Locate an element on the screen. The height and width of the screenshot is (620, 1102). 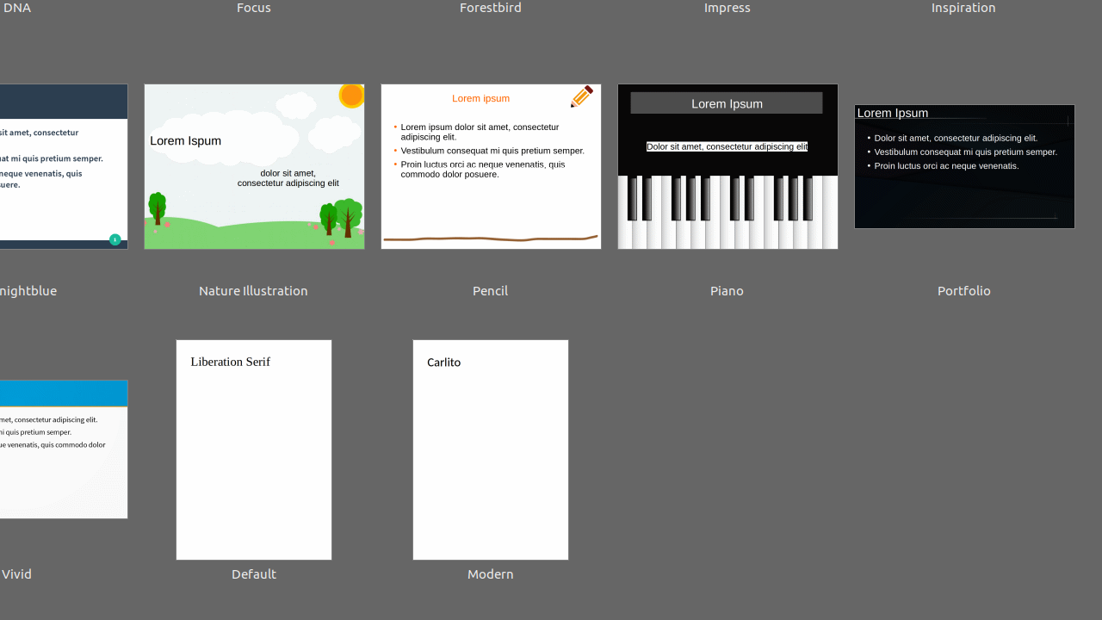
'Pencil' is located at coordinates (489, 179).